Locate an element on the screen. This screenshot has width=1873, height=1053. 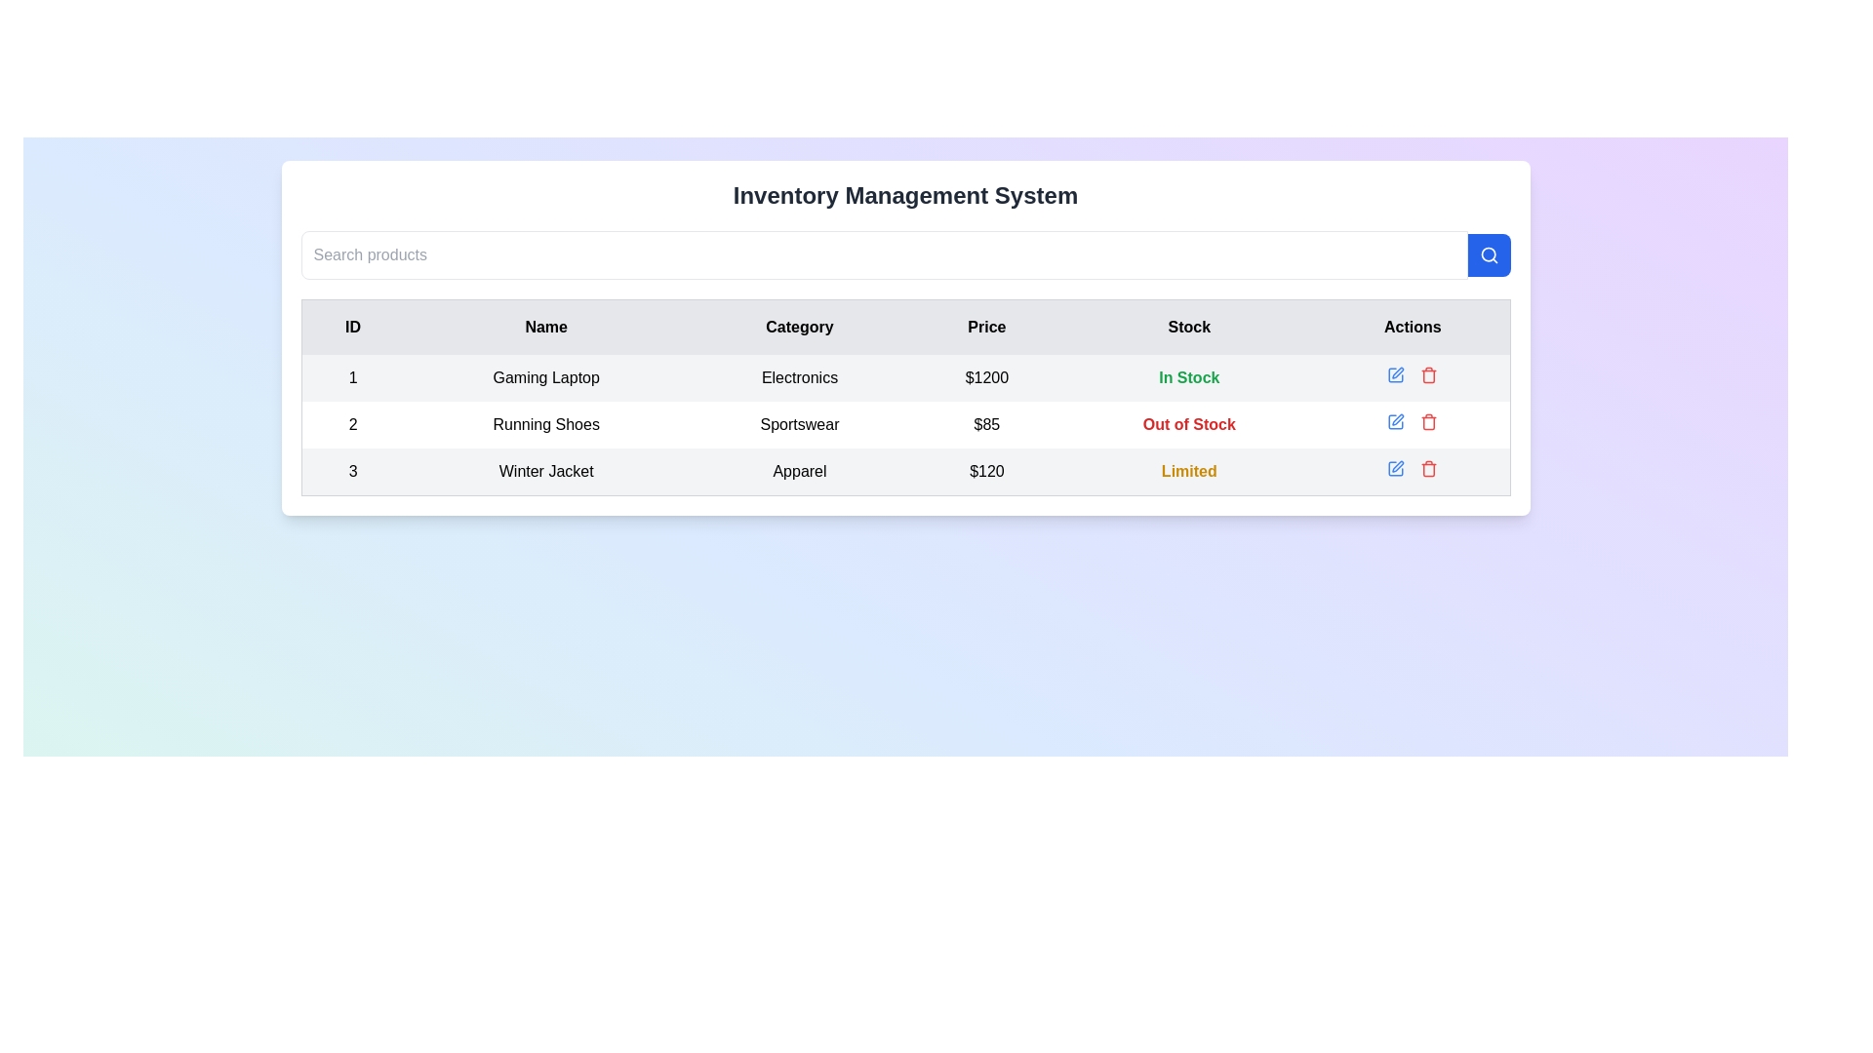
the text label indicating stock status for 'Winter Jacket' located in the last column of the third row of the inventory management table is located at coordinates (1188, 472).